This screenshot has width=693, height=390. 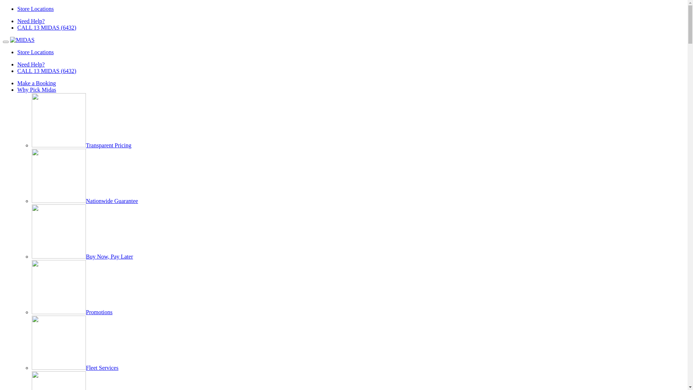 What do you see at coordinates (46, 71) in the screenshot?
I see `'CALL 13 MIDAS (6432)'` at bounding box center [46, 71].